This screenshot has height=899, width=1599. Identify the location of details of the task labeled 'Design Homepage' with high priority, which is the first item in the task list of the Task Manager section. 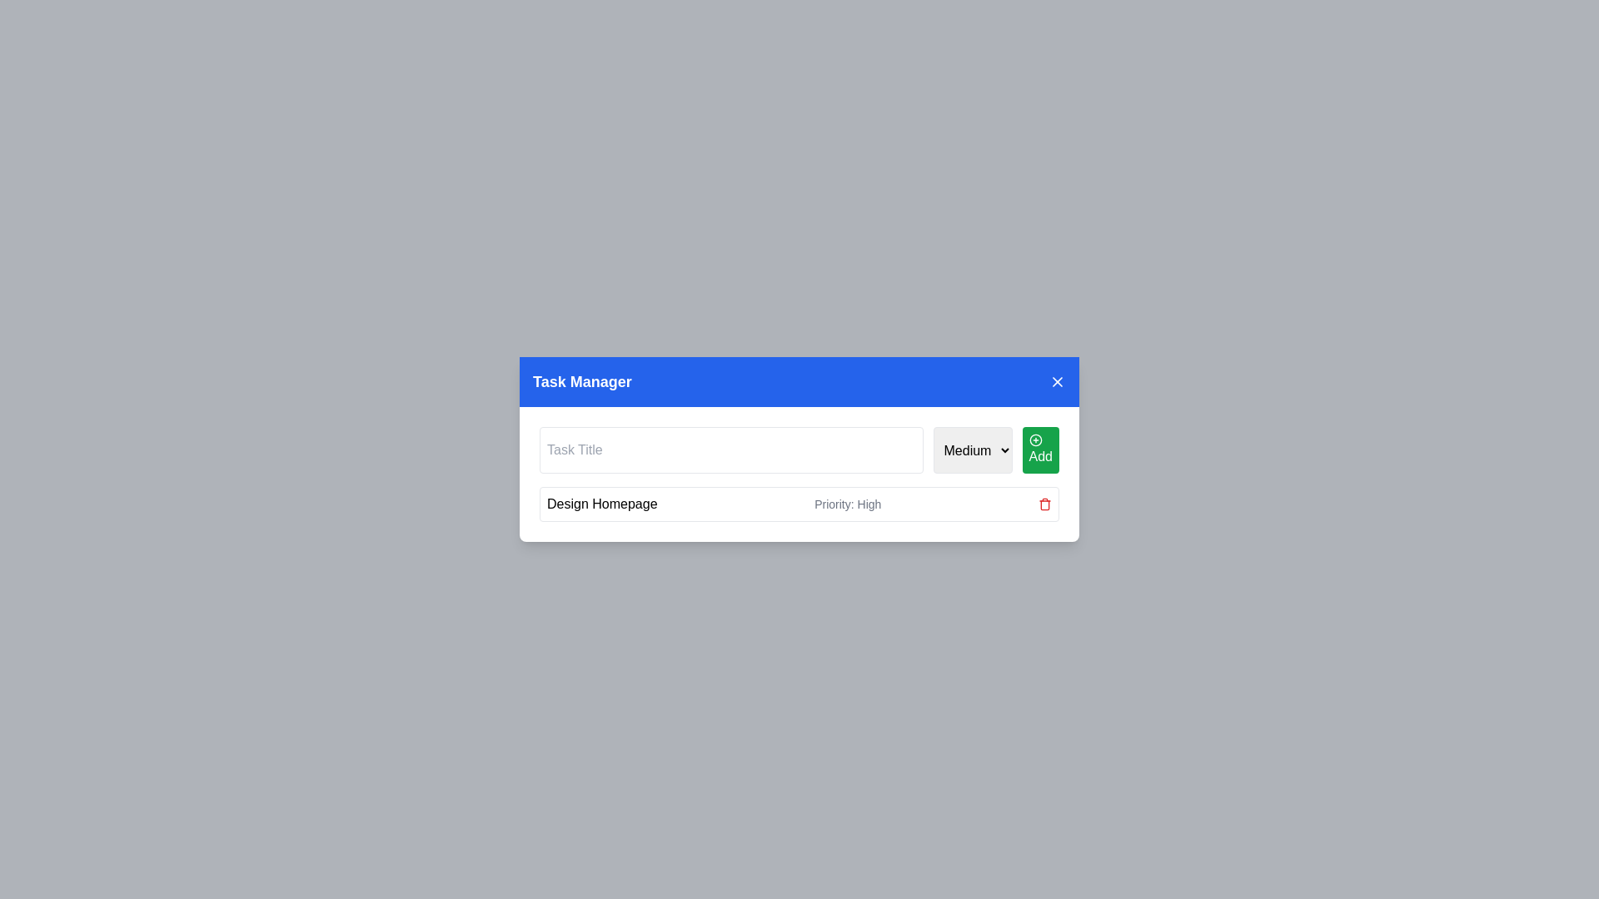
(799, 503).